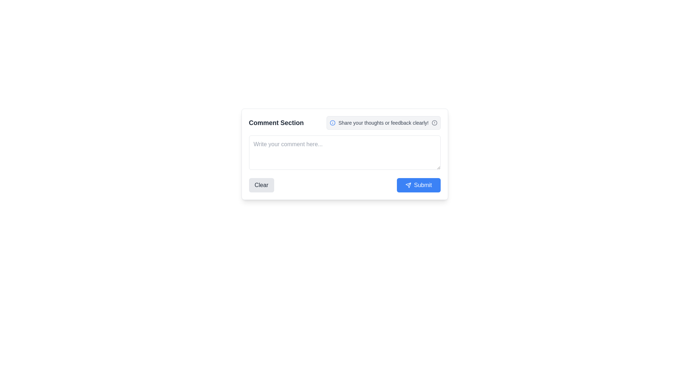 The width and height of the screenshot is (689, 387). Describe the element at coordinates (332, 123) in the screenshot. I see `the blue outlined circular SVG element that is part of the information icon located to the right of the 'Comment Section' title` at that location.